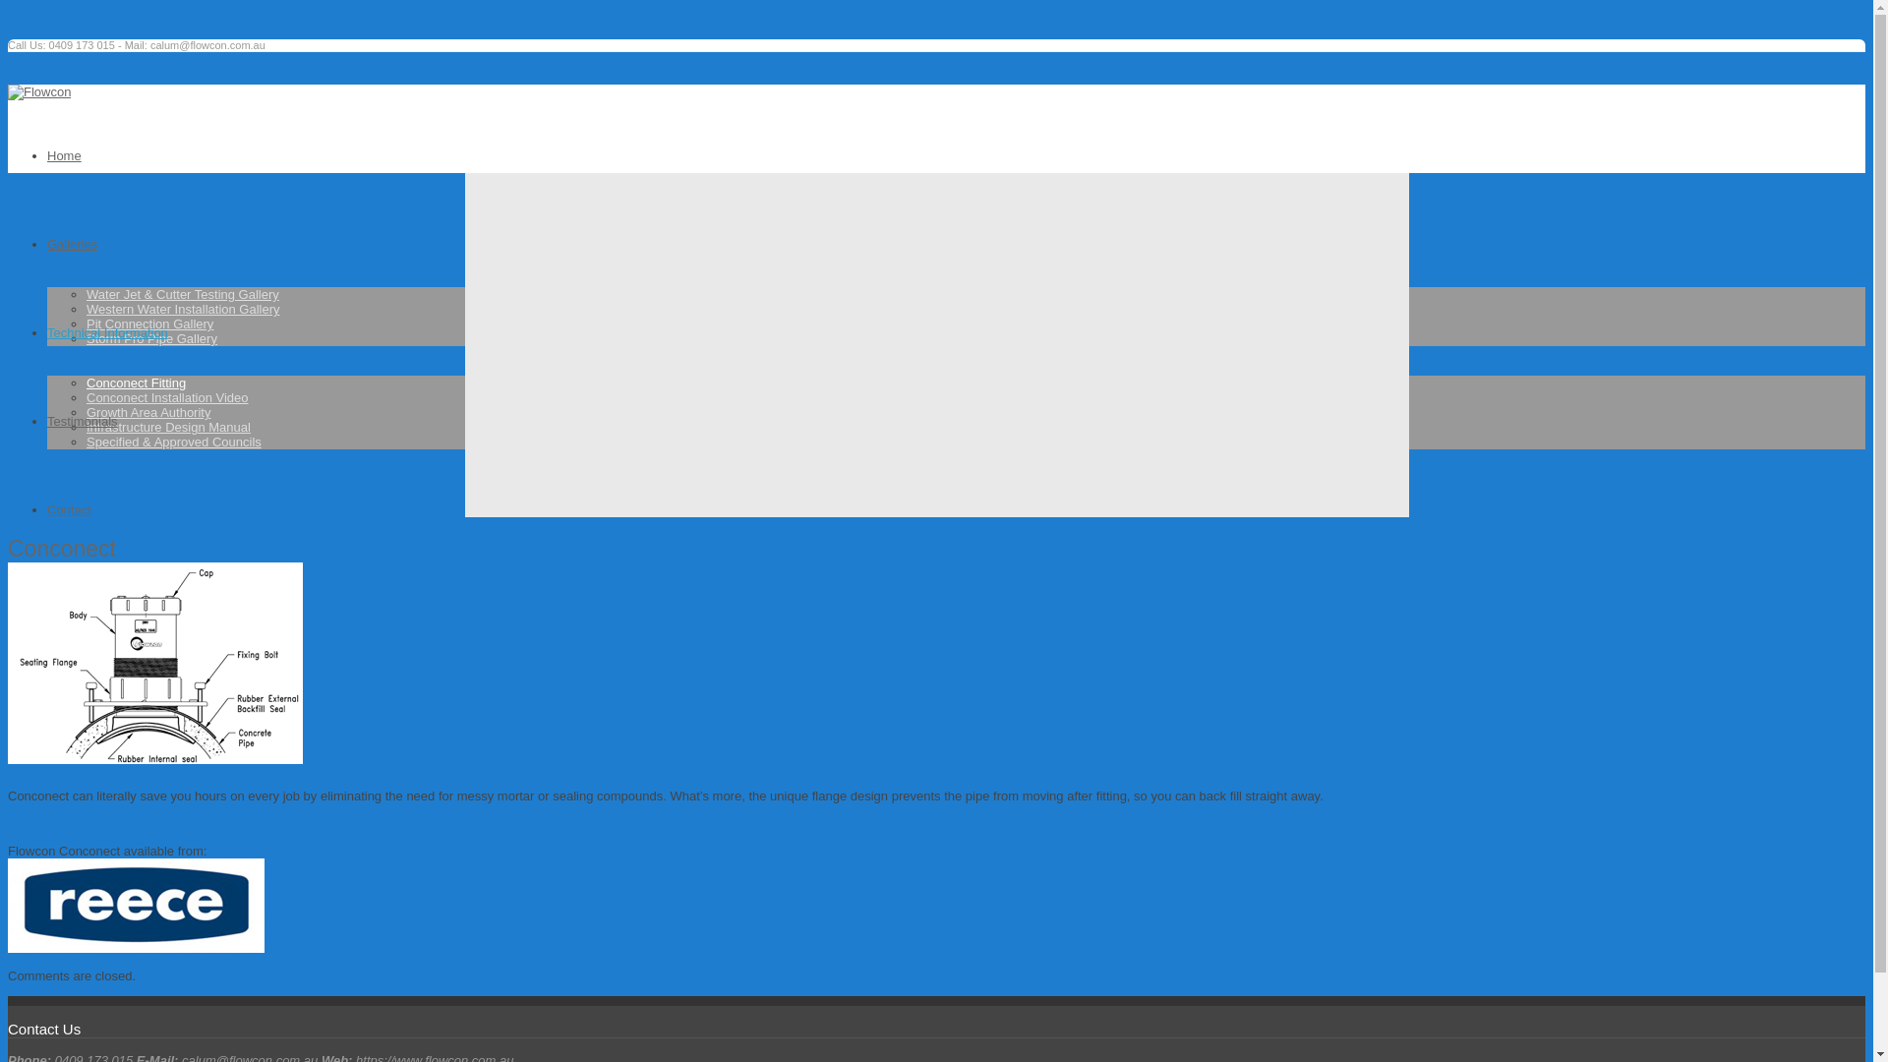  What do you see at coordinates (167, 397) in the screenshot?
I see `'Conconect Installation Video'` at bounding box center [167, 397].